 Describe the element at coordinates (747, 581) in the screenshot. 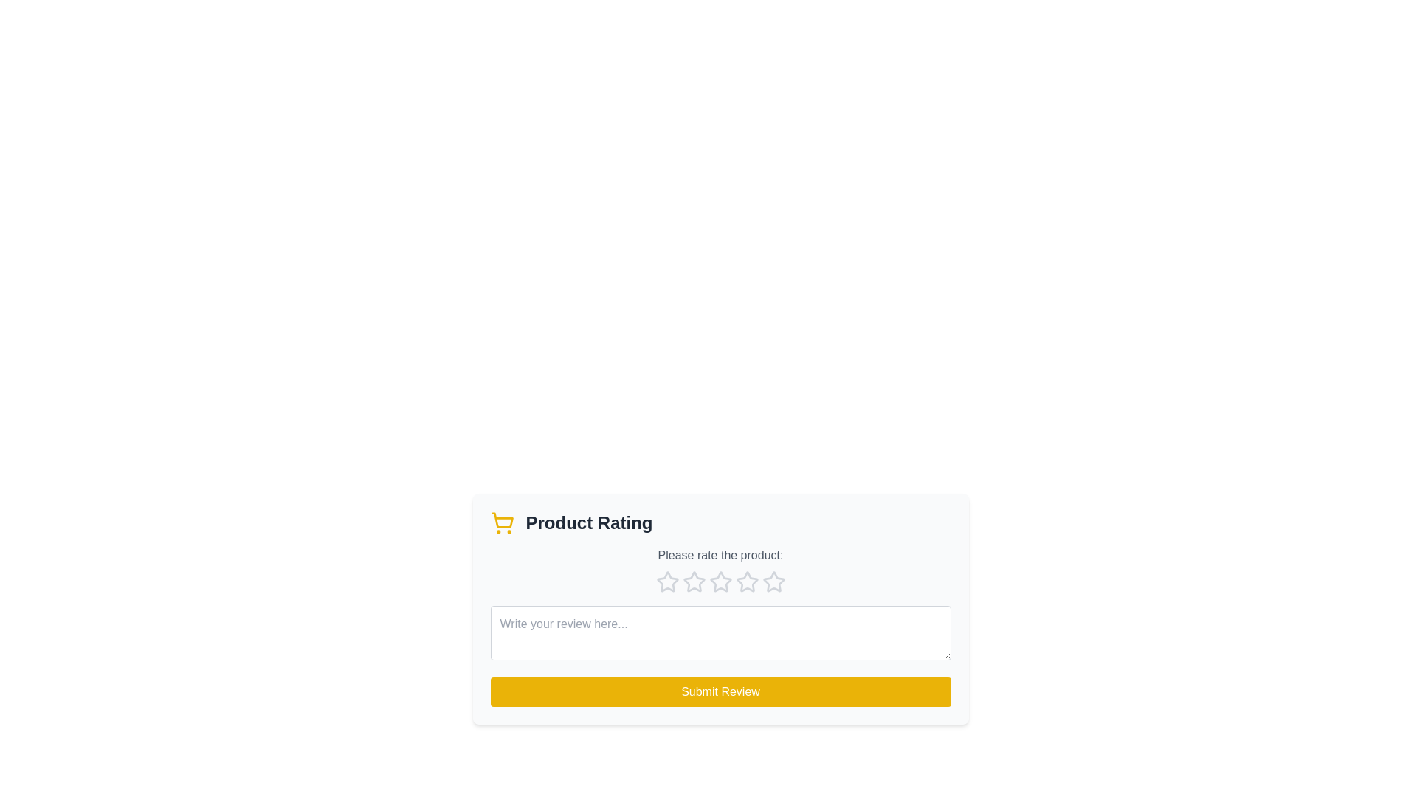

I see `the third star icon in the rating section` at that location.